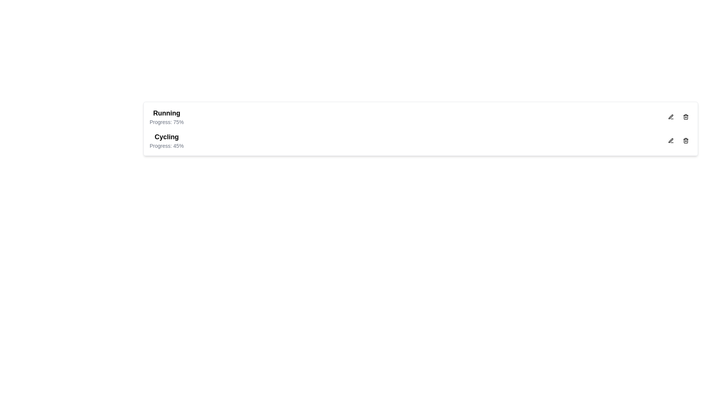 The height and width of the screenshot is (401, 713). I want to click on text from the Text Display component that shows 'Running' in bold and 'Progress: 75%' in gray, which is the first item in a vertically arranged list, so click(166, 117).